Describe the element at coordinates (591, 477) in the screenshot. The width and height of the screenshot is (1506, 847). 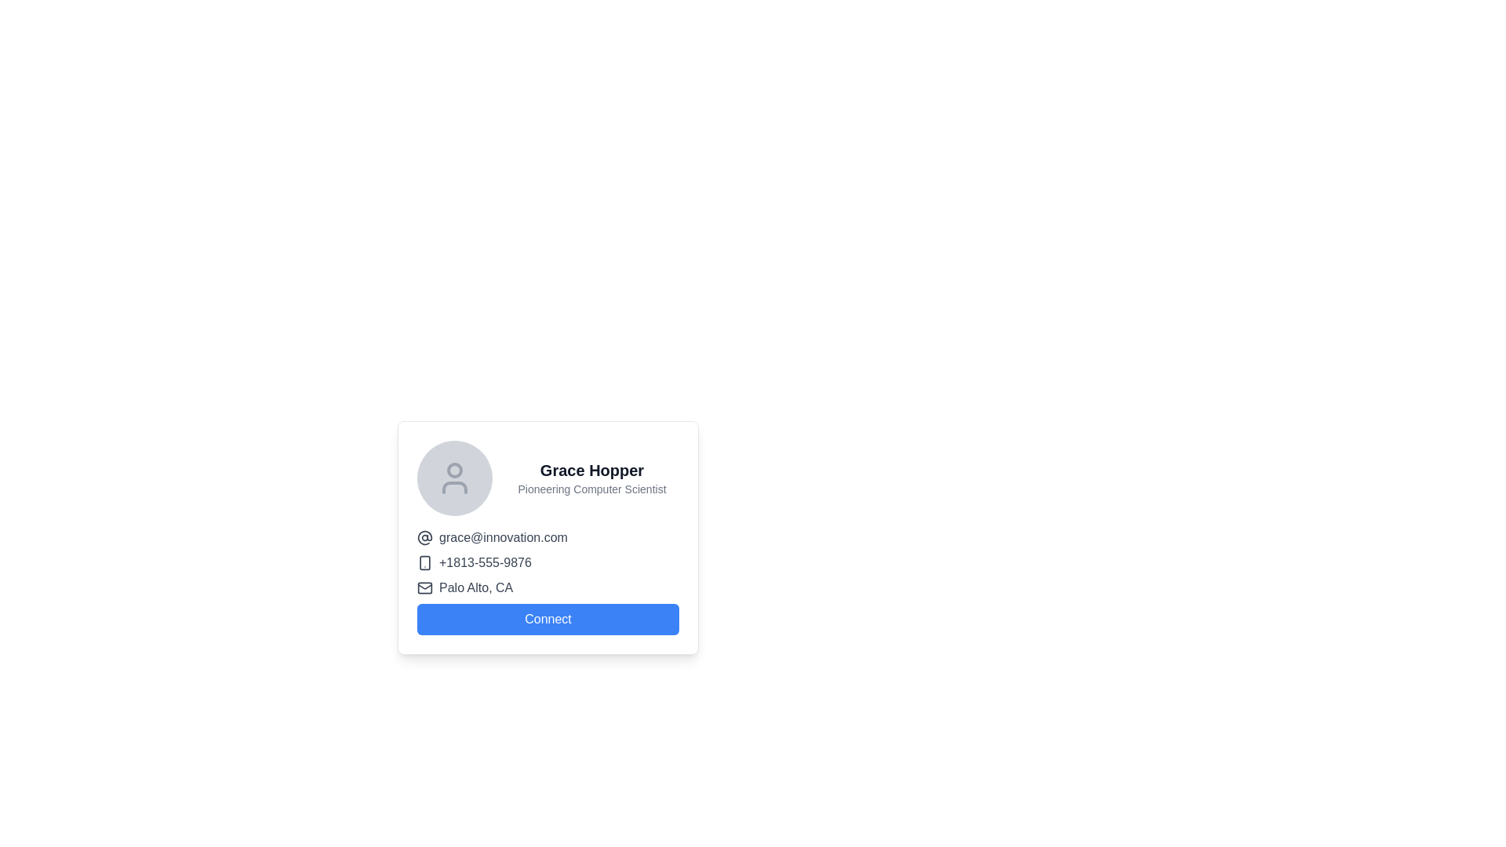
I see `the text display element that provides the name and title of the individual, located to the right of the circular avatar image in the profile card layout` at that location.